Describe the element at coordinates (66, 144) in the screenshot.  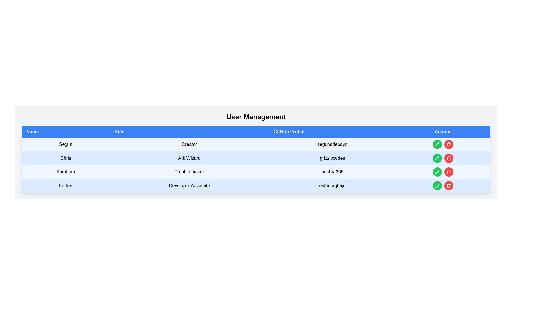
I see `the text label displaying 'Segun' in black on a light blue background, located in the first row of the table under the 'Name' column` at that location.